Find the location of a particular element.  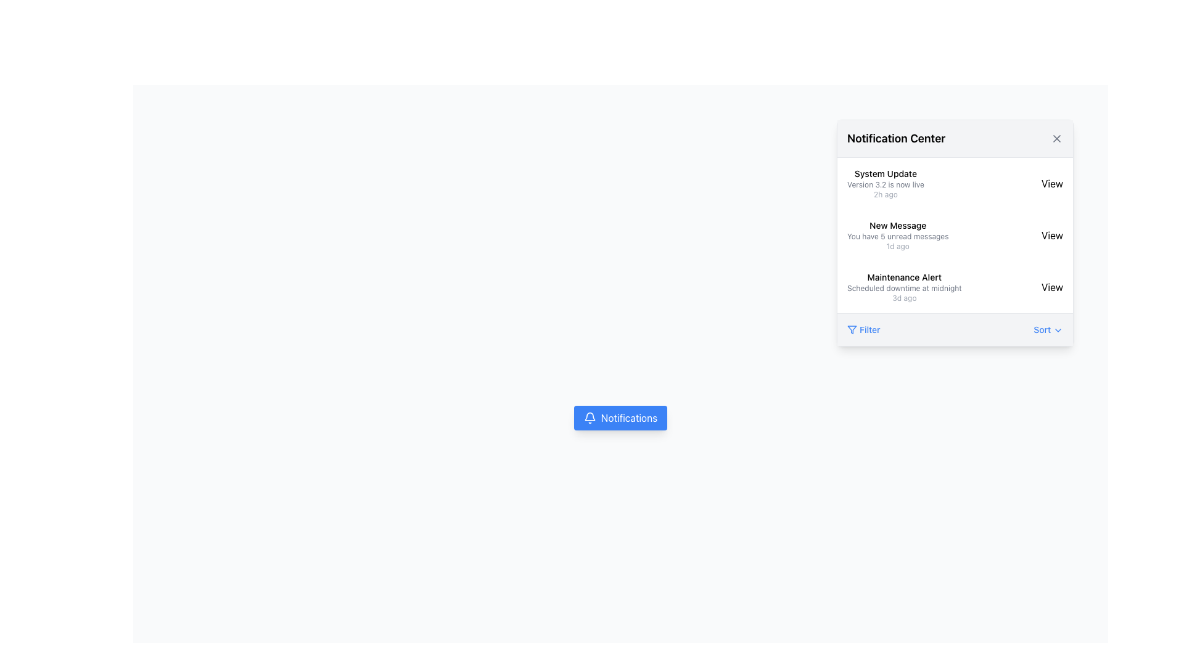

notification details from the alert text element titled 'Maintenance Alert', which is the first part of a notification card in the 'Notification Center' popup is located at coordinates (904, 287).